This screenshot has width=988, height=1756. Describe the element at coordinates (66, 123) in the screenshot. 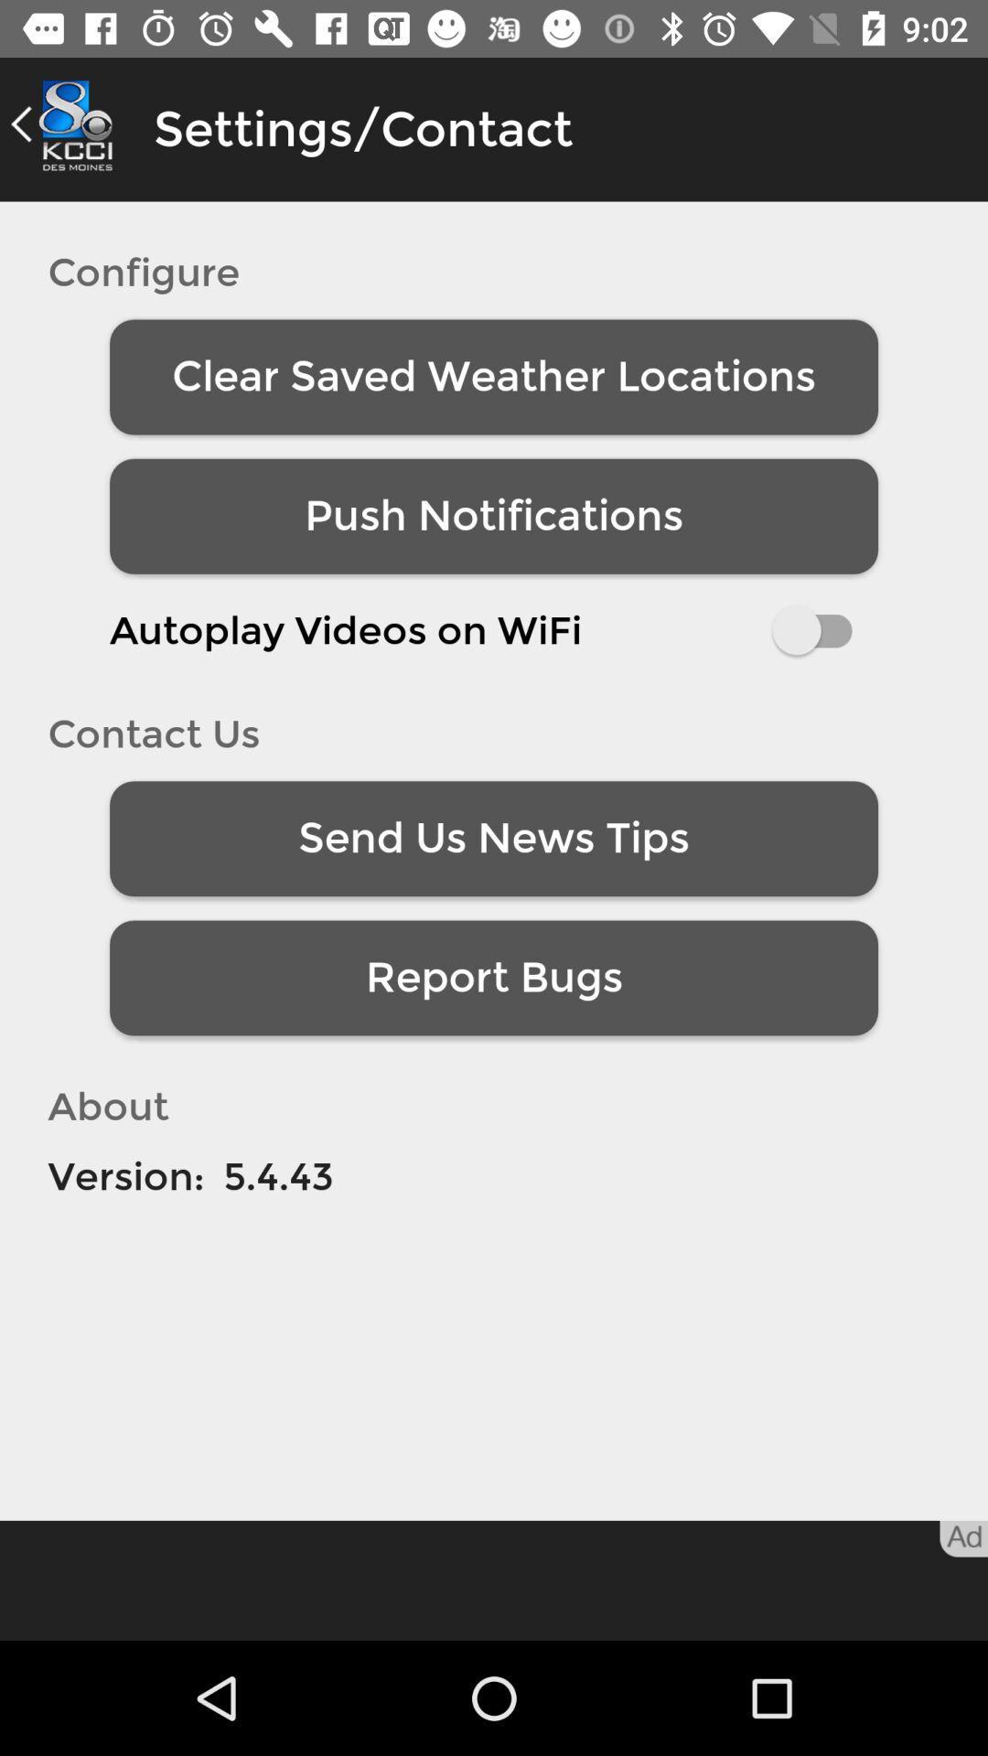

I see `the icon above configure item` at that location.